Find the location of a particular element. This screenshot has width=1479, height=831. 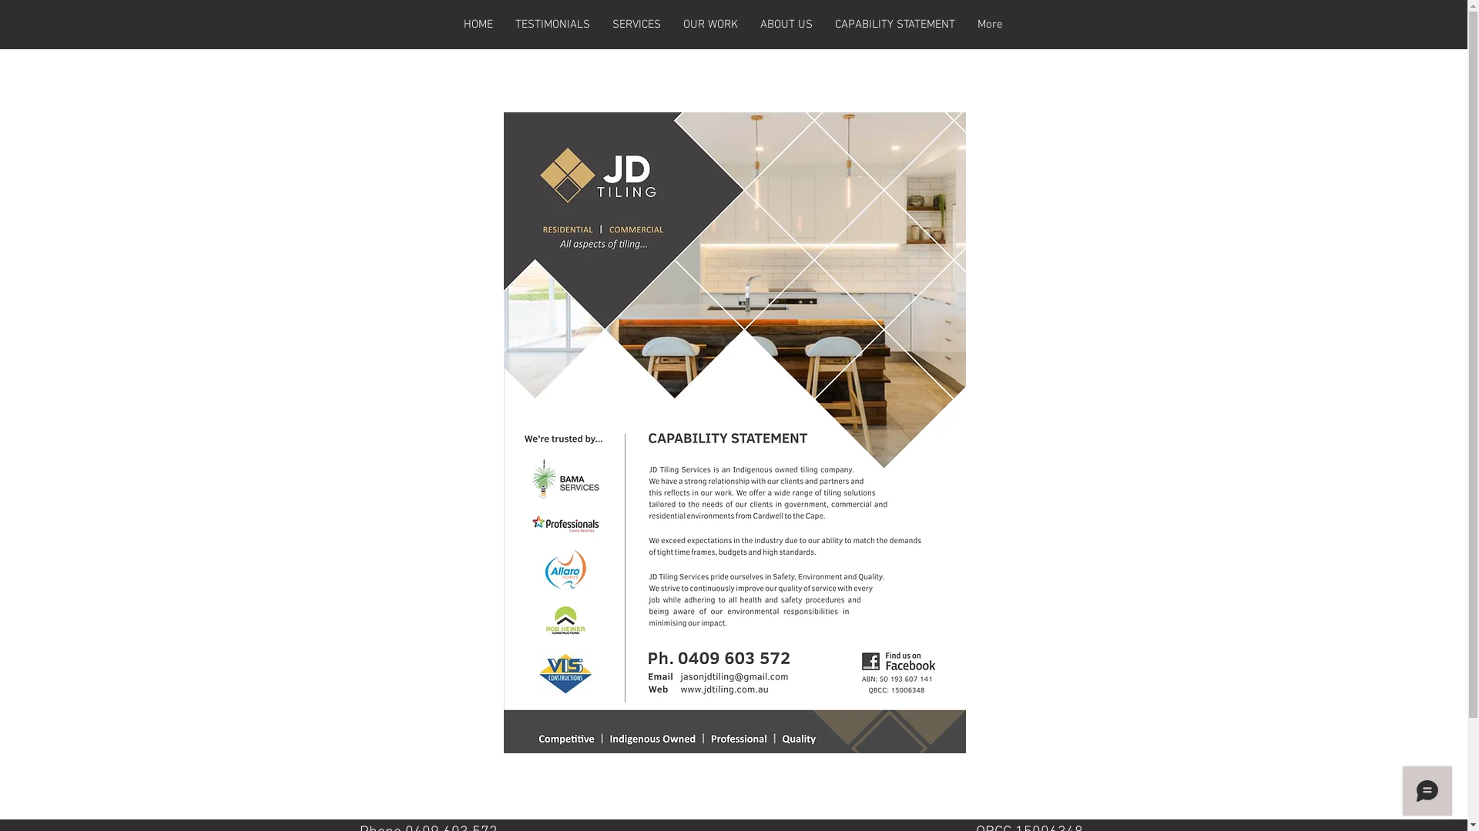

'SERVICES' is located at coordinates (636, 24).